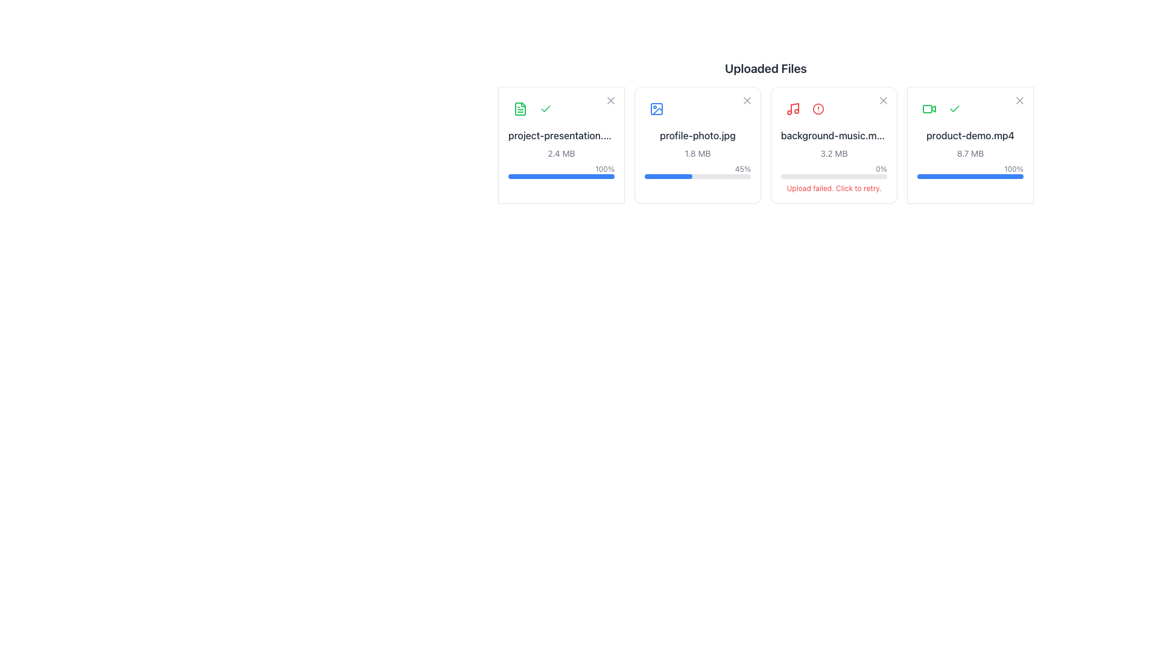 This screenshot has height=651, width=1158. I want to click on the close icon (small 'X' in light gray) located in the top-right corner of the file upload card for 'background-music.mp3', so click(883, 99).